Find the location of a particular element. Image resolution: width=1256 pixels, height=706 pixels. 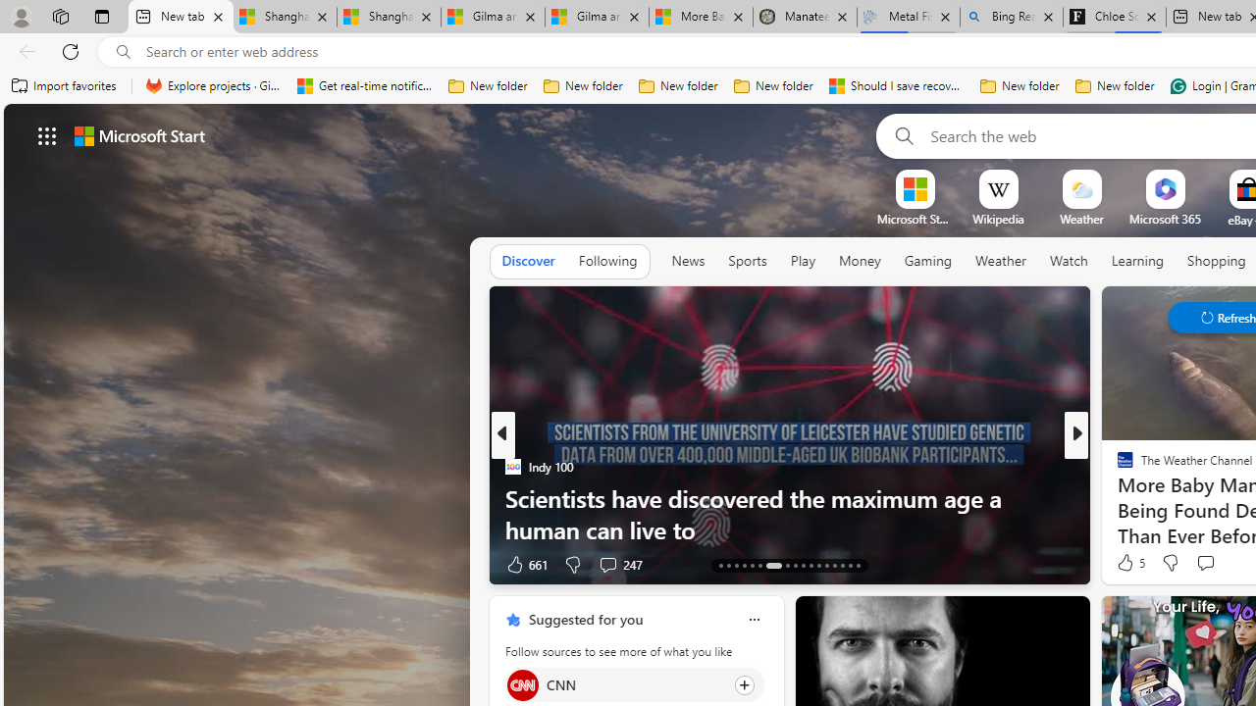

'AutomationID: tab-23' is located at coordinates (811, 566).